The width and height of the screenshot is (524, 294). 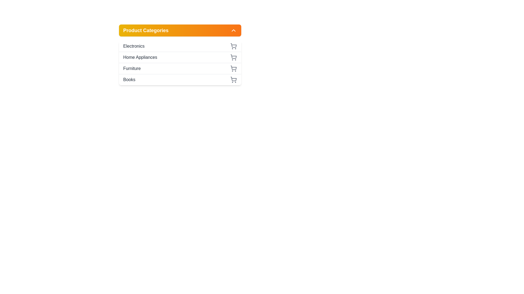 I want to click on the 'Books' category option in the list of categories, so click(x=180, y=79).